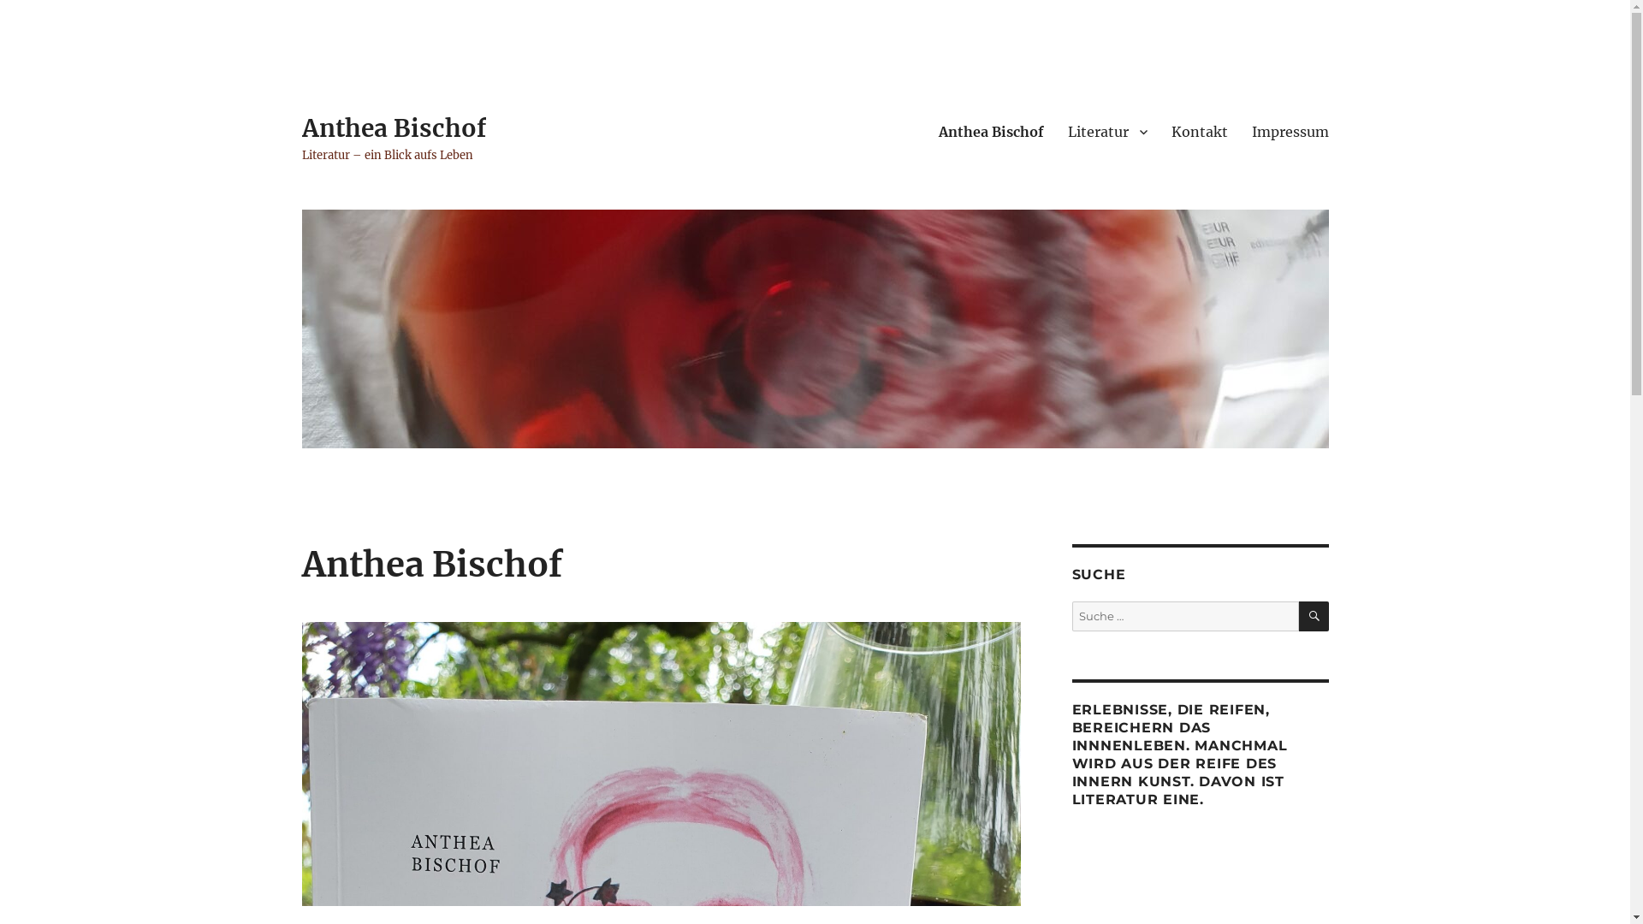 This screenshot has width=1643, height=924. Describe the element at coordinates (1313, 616) in the screenshot. I see `'SUCHE'` at that location.